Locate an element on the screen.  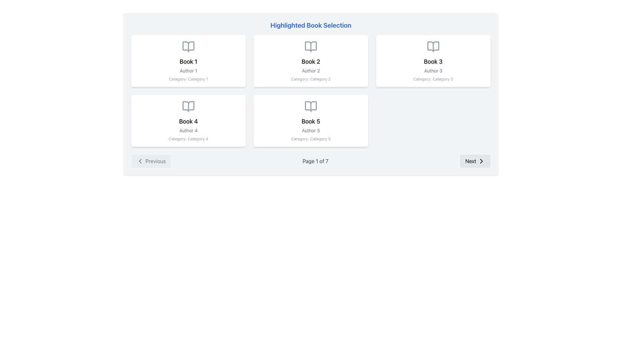
the selectable card for 'Book 4' located in the second row, first column of the grid layout is located at coordinates (188, 121).